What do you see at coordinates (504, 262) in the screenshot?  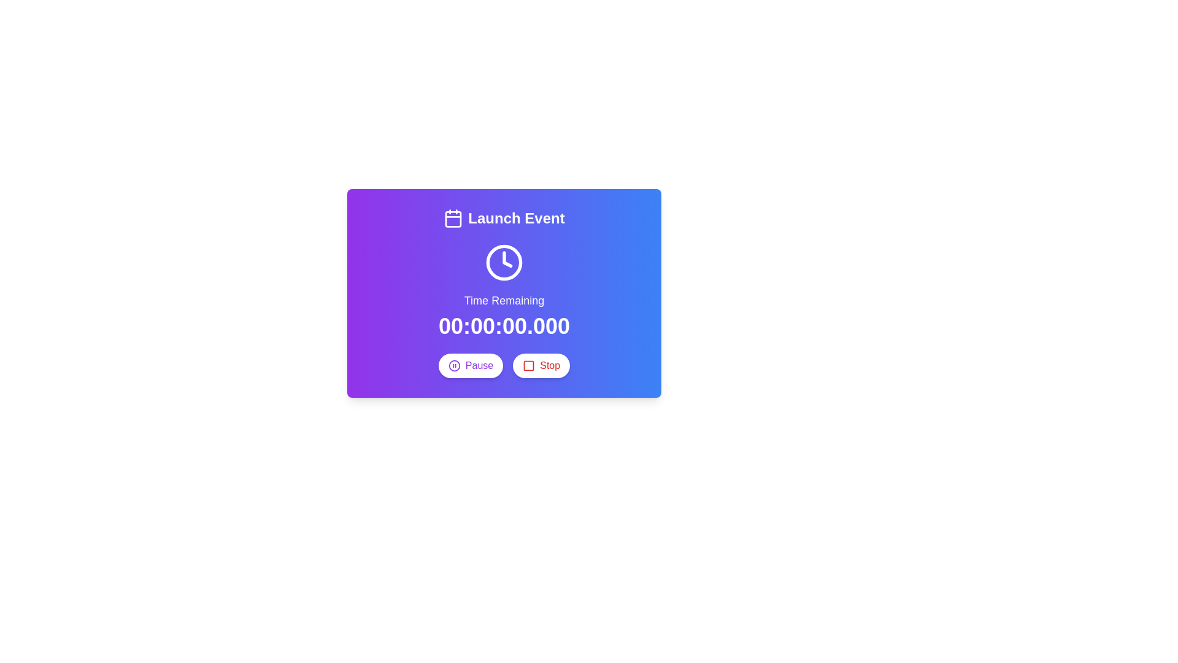 I see `the clock icon, which serves as a graphical representation of time-related functionality, located below the 'Launch Event' title and above the timer display` at bounding box center [504, 262].